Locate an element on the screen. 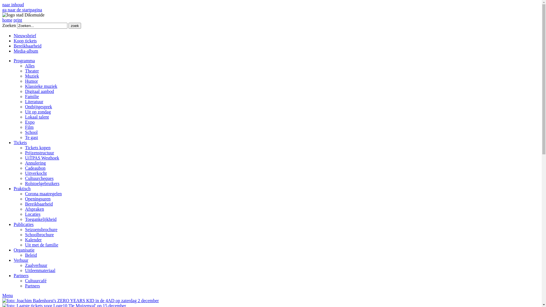  'Cultuurcheques' is located at coordinates (39, 178).